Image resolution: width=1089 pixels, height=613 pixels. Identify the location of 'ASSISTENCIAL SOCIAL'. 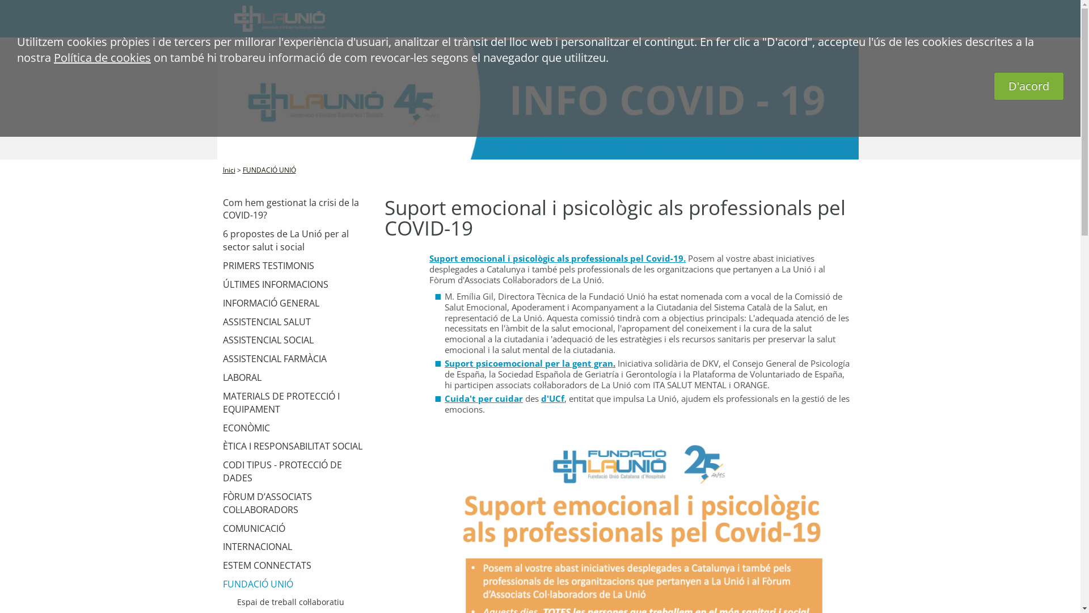
(297, 339).